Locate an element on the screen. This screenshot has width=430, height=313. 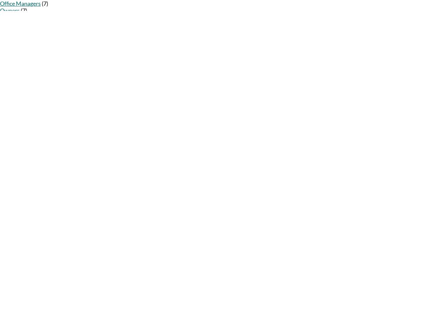
'Veterinarians and Hospital Staff' is located at coordinates (31, 142).